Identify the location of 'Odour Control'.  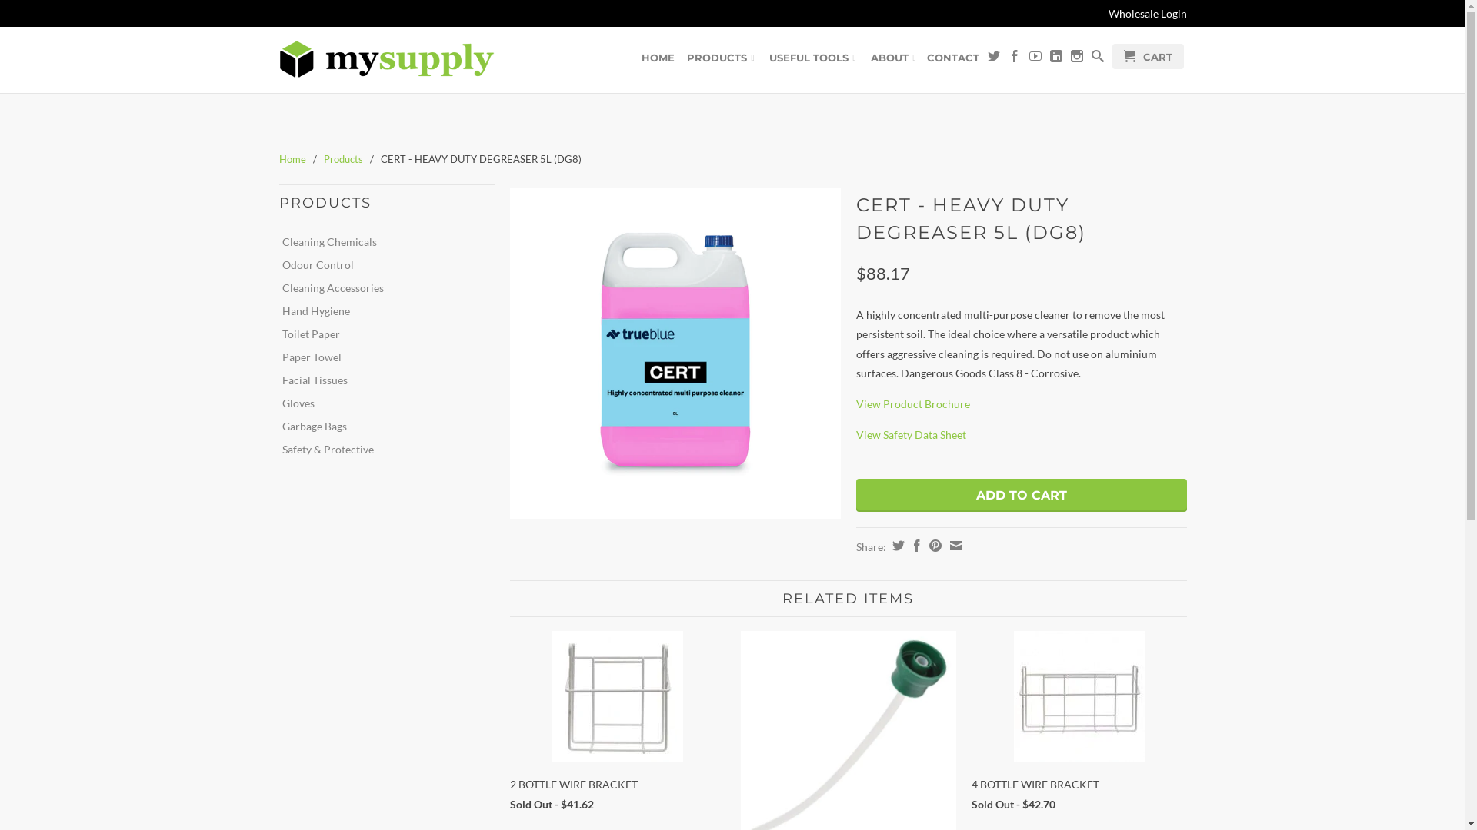
(380, 264).